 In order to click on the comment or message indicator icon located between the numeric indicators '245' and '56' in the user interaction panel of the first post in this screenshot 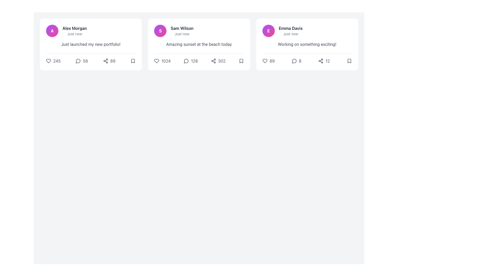, I will do `click(78, 60)`.